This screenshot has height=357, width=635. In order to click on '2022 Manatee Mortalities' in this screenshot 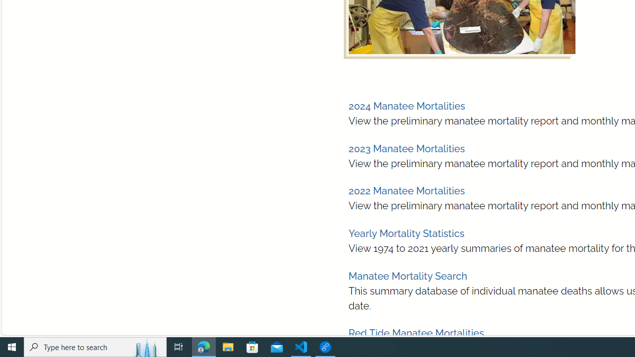, I will do `click(406, 191)`.